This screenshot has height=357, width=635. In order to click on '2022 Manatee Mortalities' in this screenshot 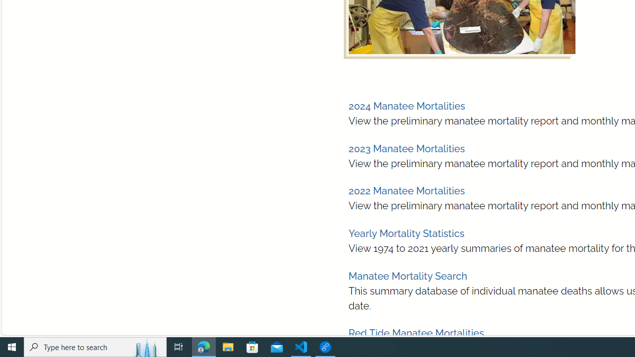, I will do `click(406, 191)`.